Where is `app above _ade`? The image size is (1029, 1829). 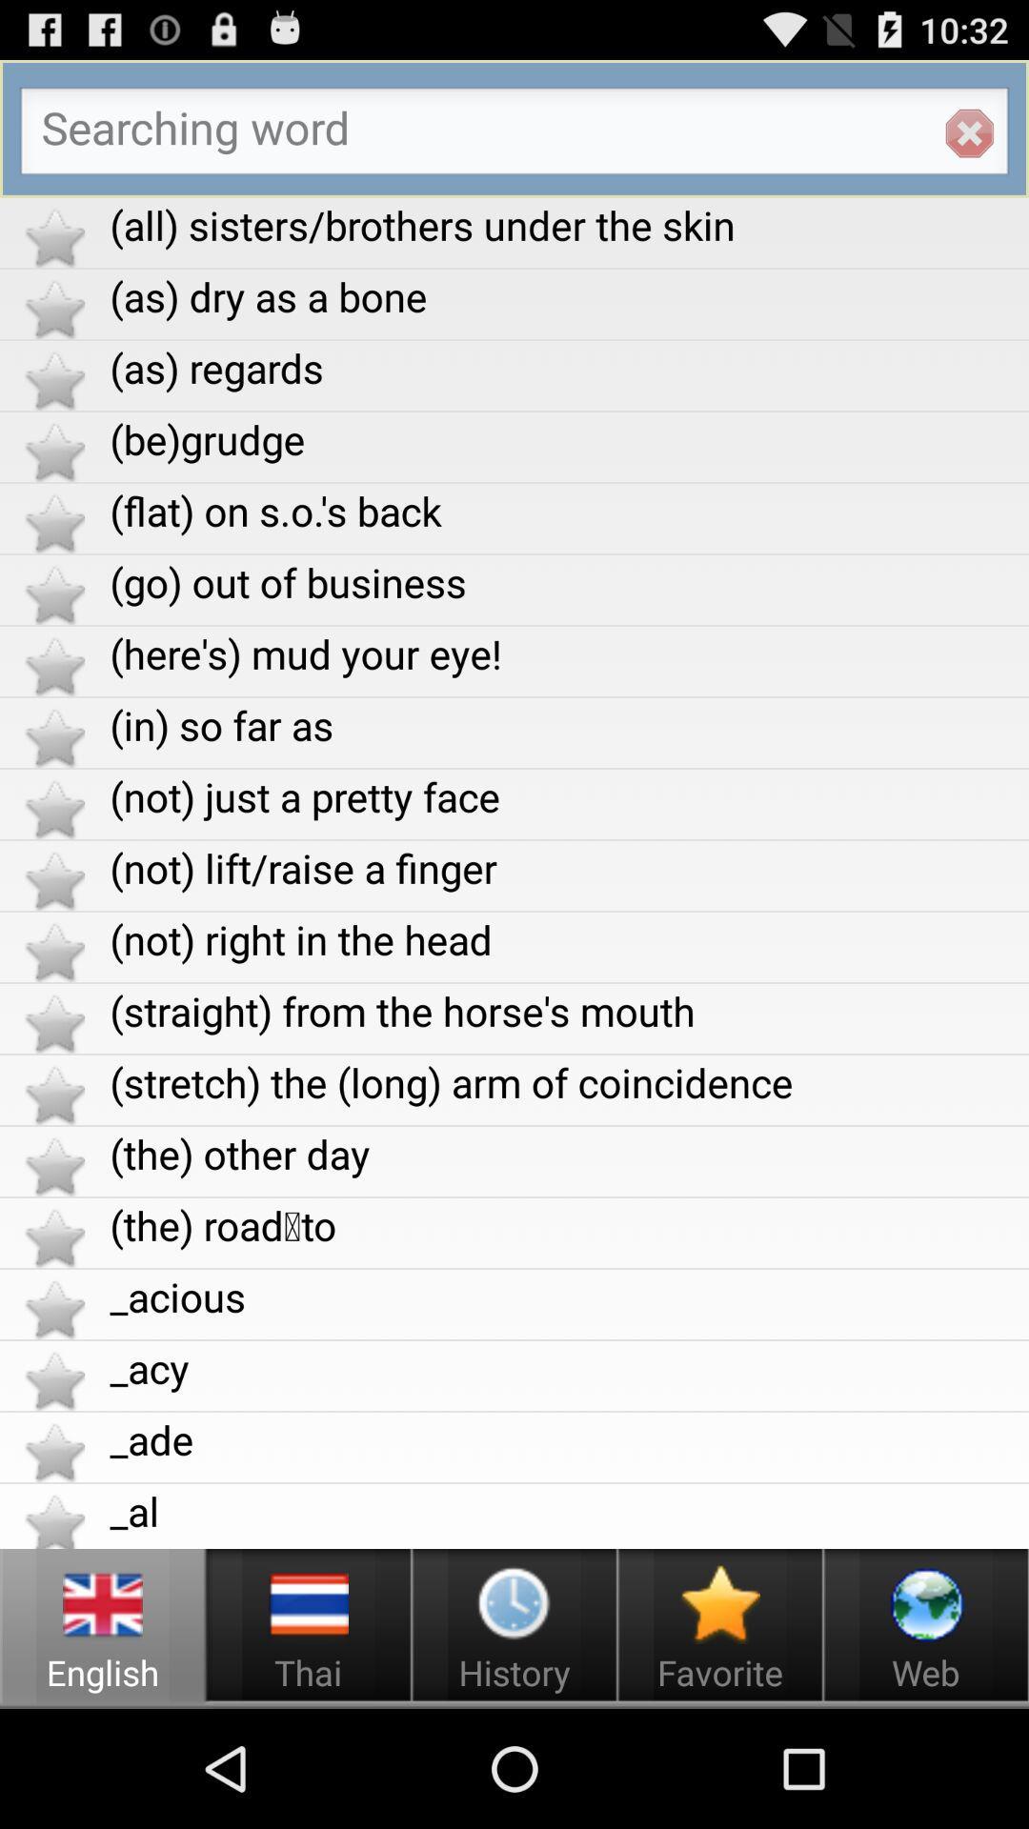
app above _ade is located at coordinates (568, 1367).